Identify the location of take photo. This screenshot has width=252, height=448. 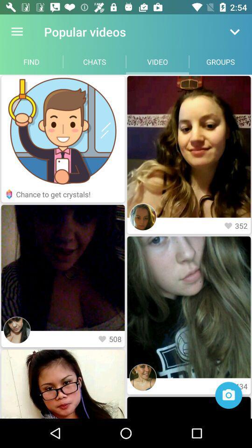
(228, 395).